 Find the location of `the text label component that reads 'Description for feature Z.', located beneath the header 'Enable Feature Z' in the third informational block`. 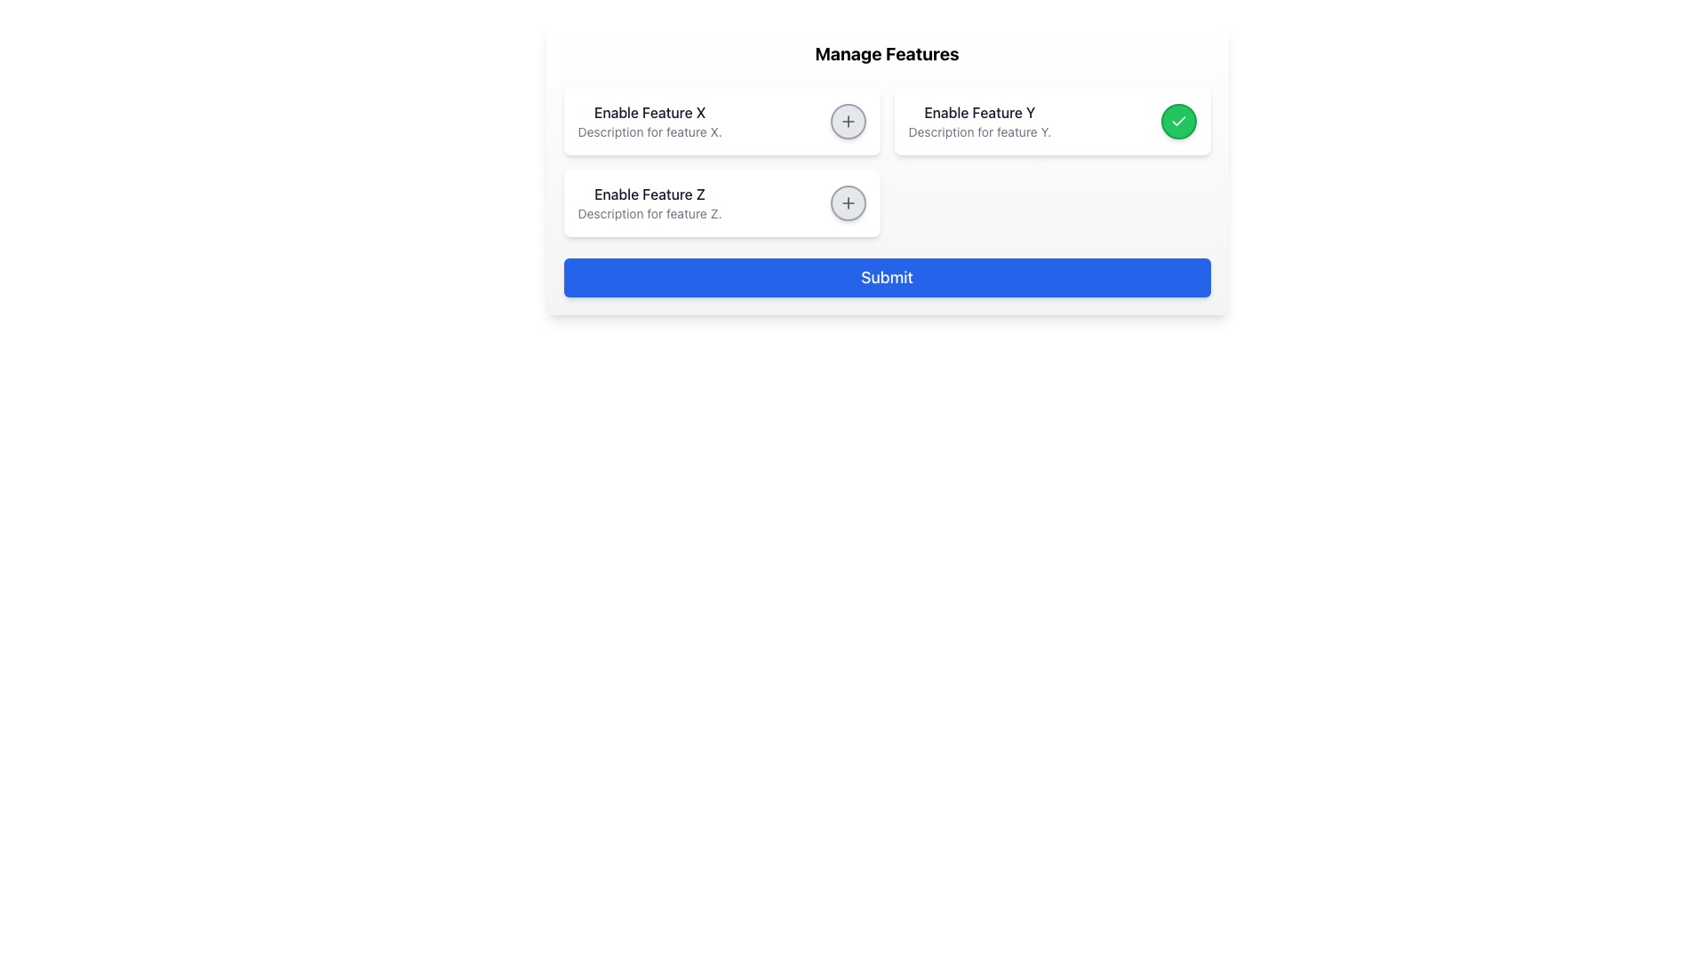

the text label component that reads 'Description for feature Z.', located beneath the header 'Enable Feature Z' in the third informational block is located at coordinates (649, 212).